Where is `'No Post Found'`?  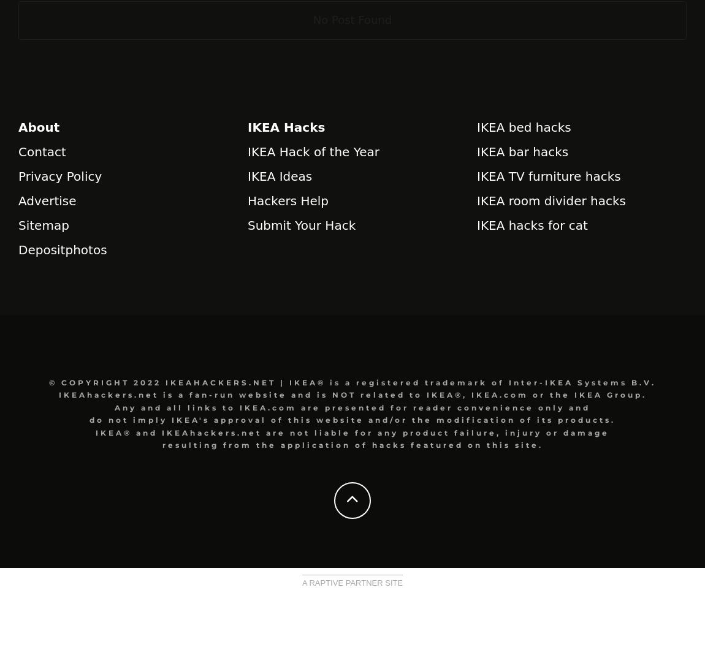 'No Post Found' is located at coordinates (313, 20).